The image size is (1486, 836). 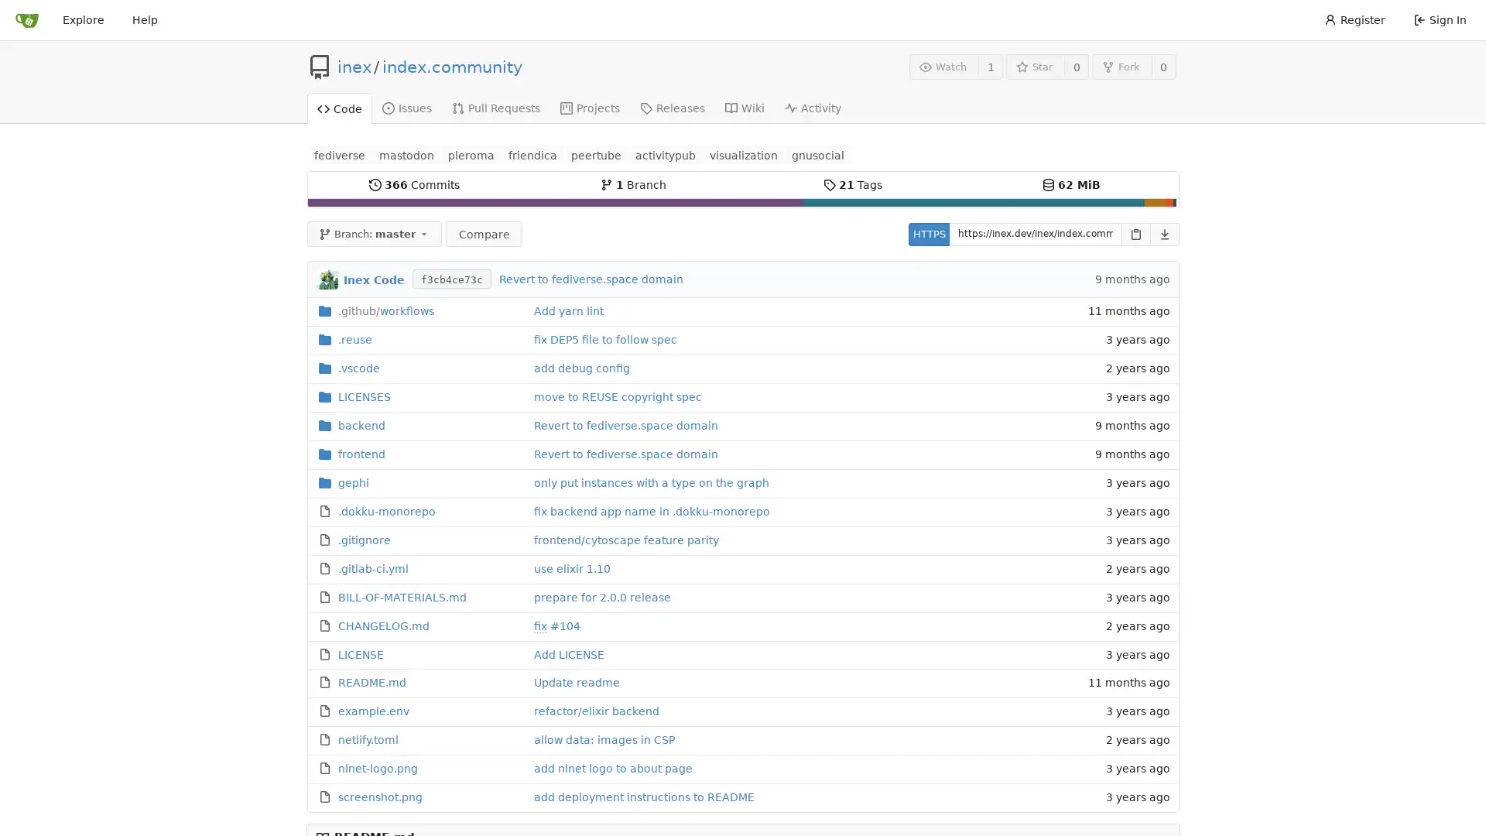 I want to click on Star, so click(x=1035, y=66).